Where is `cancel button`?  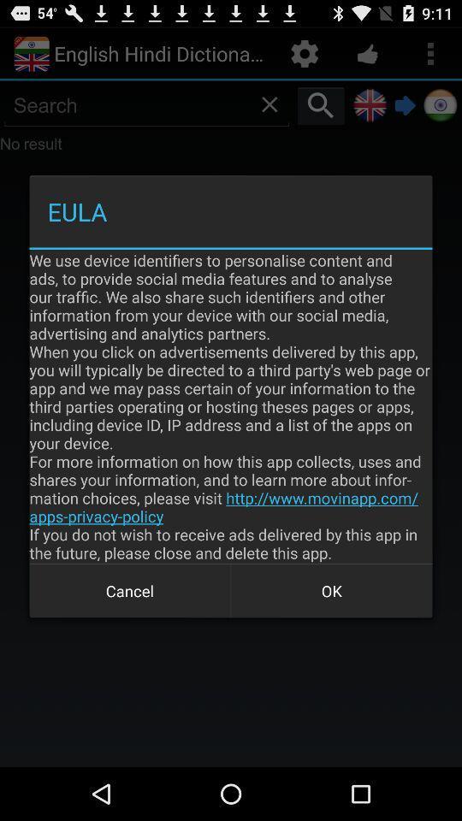
cancel button is located at coordinates (129, 591).